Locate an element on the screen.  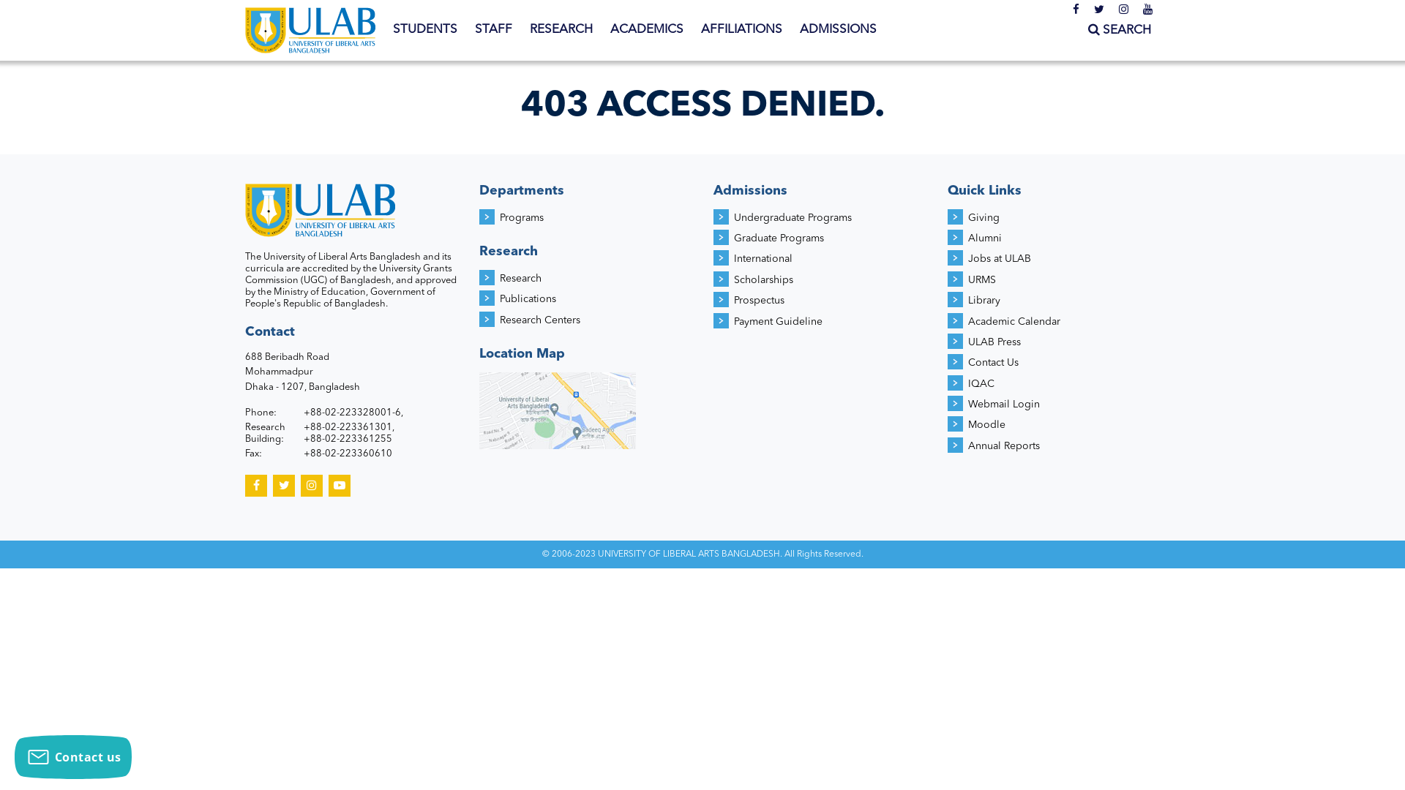
'Moodle' is located at coordinates (986, 425).